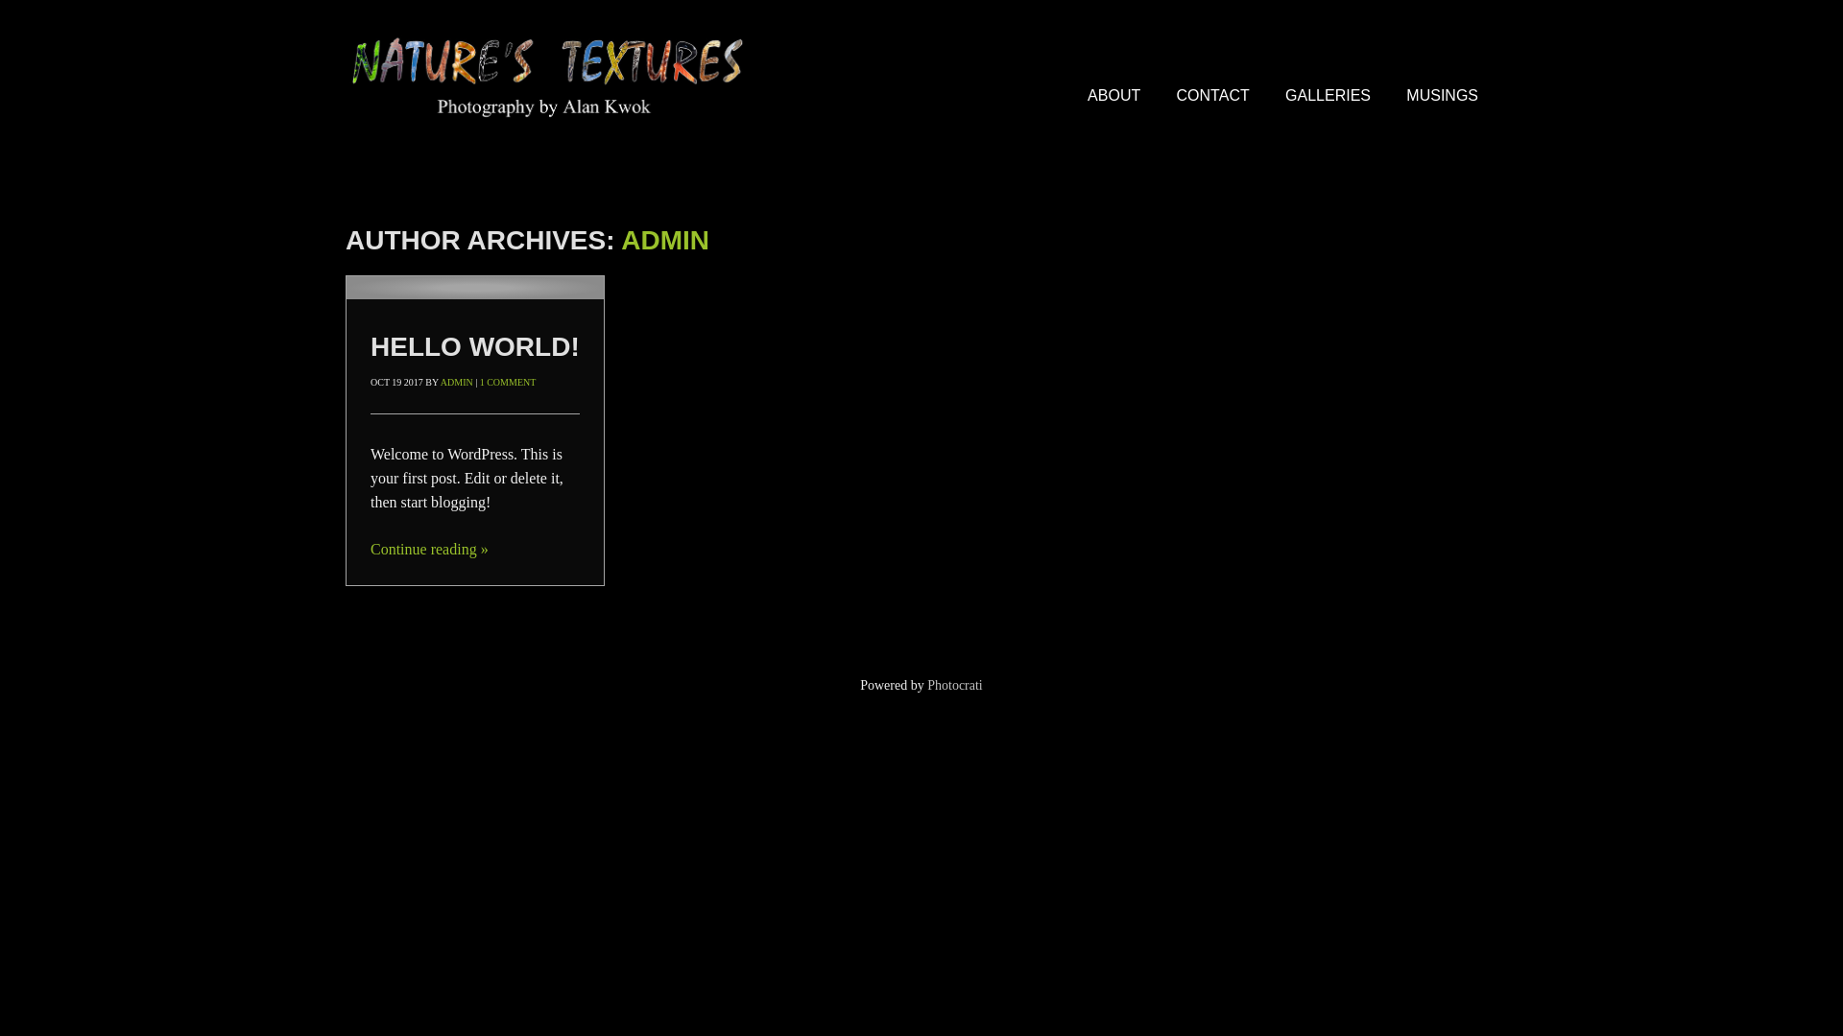  What do you see at coordinates (508, 382) in the screenshot?
I see `'1 COMMENT'` at bounding box center [508, 382].